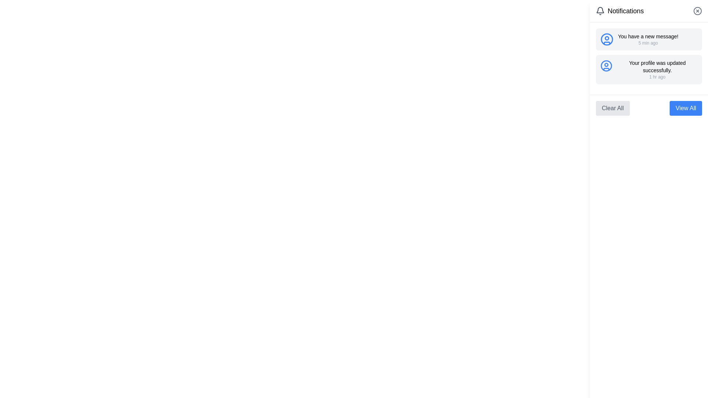 This screenshot has height=398, width=708. I want to click on circular outline of the user profile icon displayed in the top notification using developer tools, so click(607, 39).